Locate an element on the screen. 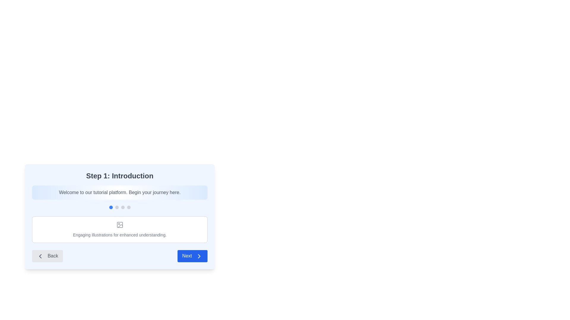 Image resolution: width=570 pixels, height=320 pixels. the first blue circular indicator located below the 'Step 1: Introduction' section, which is part of a group of four indicators is located at coordinates (111, 207).